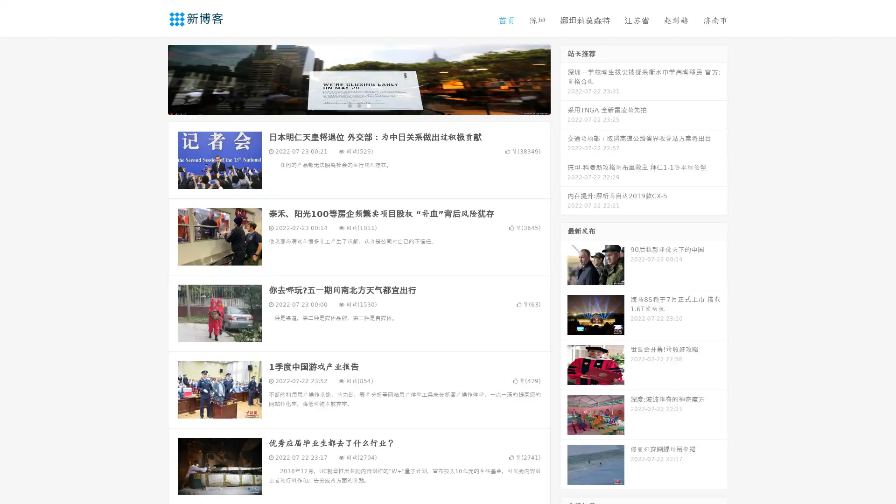 Image resolution: width=896 pixels, height=504 pixels. What do you see at coordinates (368, 105) in the screenshot?
I see `Go to slide 3` at bounding box center [368, 105].